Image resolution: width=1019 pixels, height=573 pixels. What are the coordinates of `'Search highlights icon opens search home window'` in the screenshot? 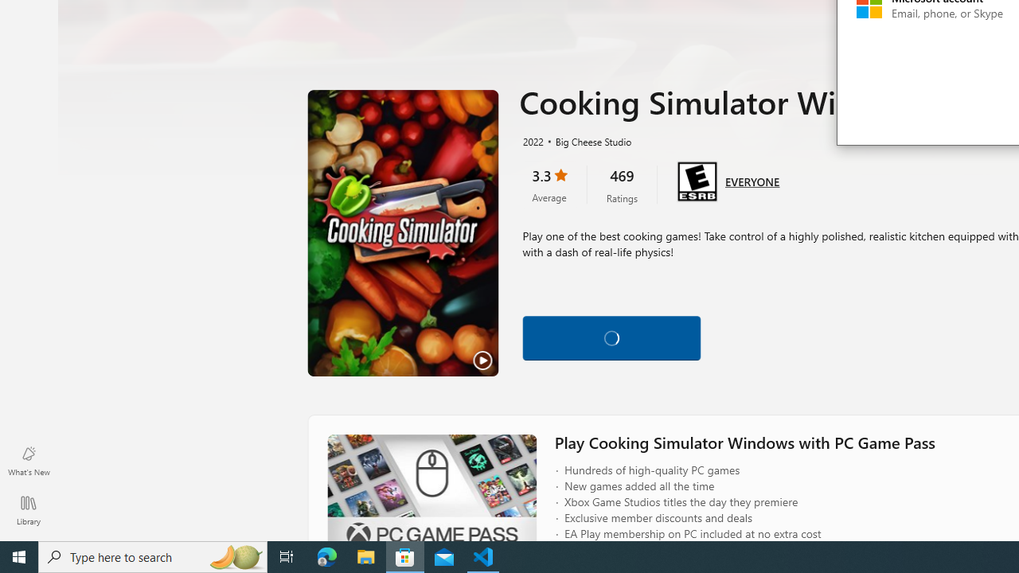 It's located at (234, 555).